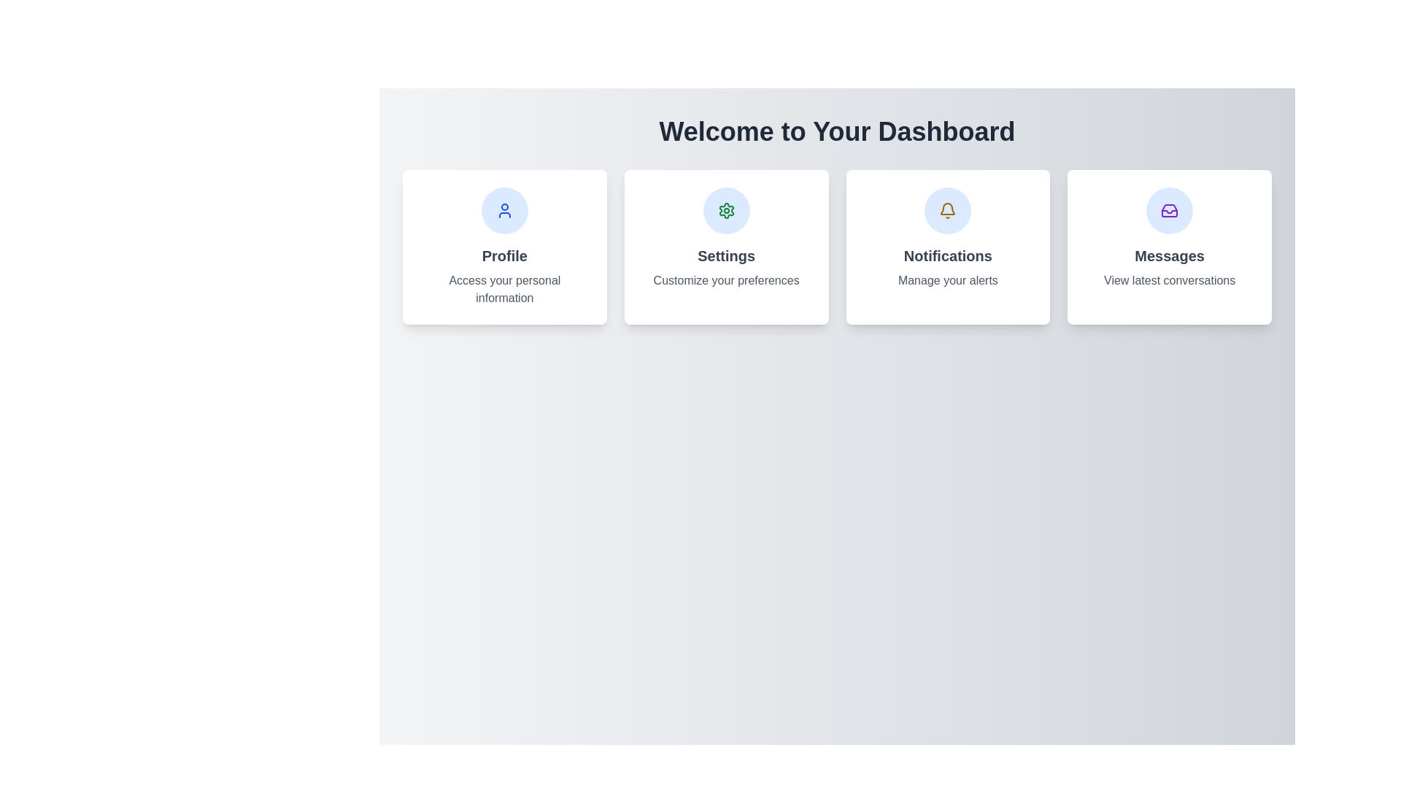 The height and width of the screenshot is (788, 1401). Describe the element at coordinates (726, 211) in the screenshot. I see `the 'Settings' icon located at the top-center of the second card below the 'Welcome to Your Dashboard' header for context` at that location.